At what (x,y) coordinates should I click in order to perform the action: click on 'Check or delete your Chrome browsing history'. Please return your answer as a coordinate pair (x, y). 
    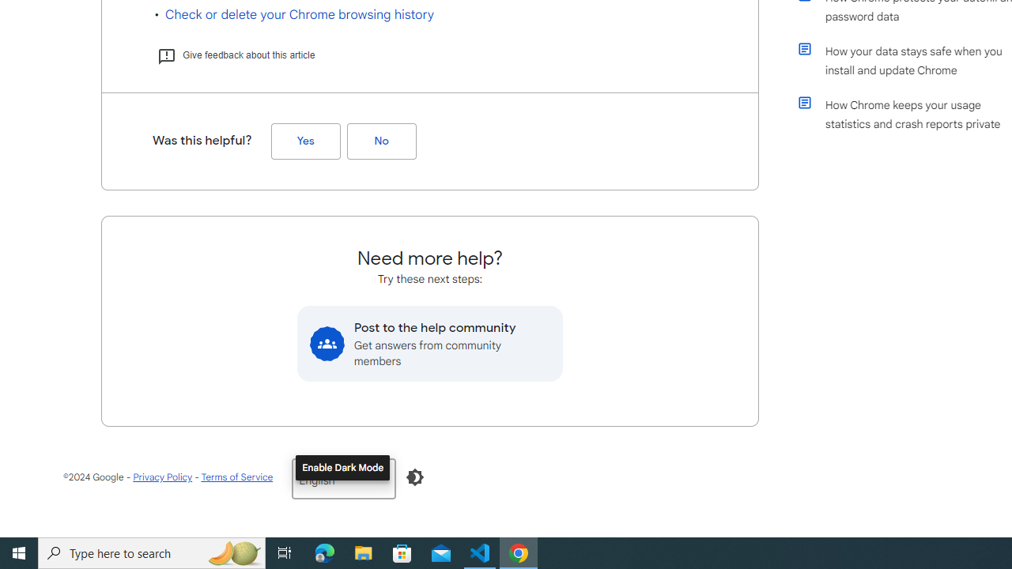
    Looking at the image, I should click on (300, 14).